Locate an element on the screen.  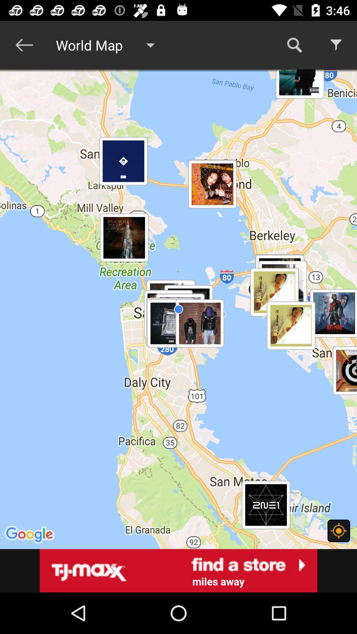
item to the right of world map icon is located at coordinates (294, 45).